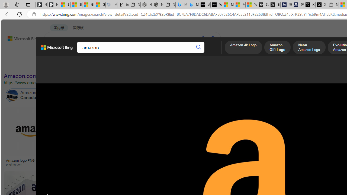 This screenshot has width=347, height=195. Describe the element at coordinates (16, 164) in the screenshot. I see `'pngimg.com'` at that location.